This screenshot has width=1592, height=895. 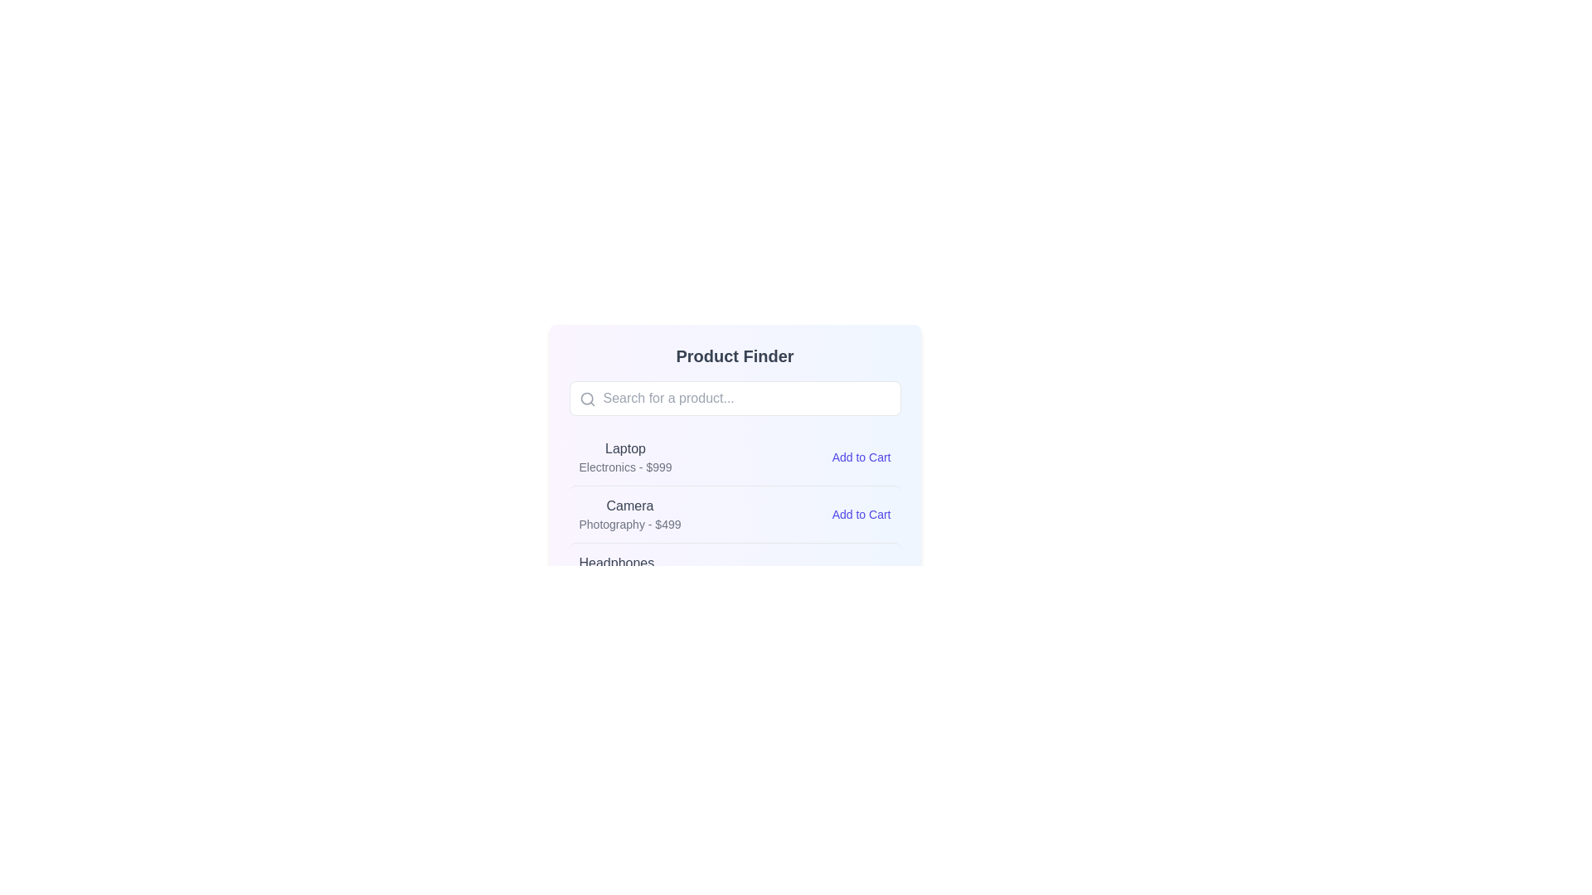 I want to click on the product information text display for 'Camera' which shows 'Photography - $499' below 'Laptop' in the product list interface, so click(x=629, y=514).